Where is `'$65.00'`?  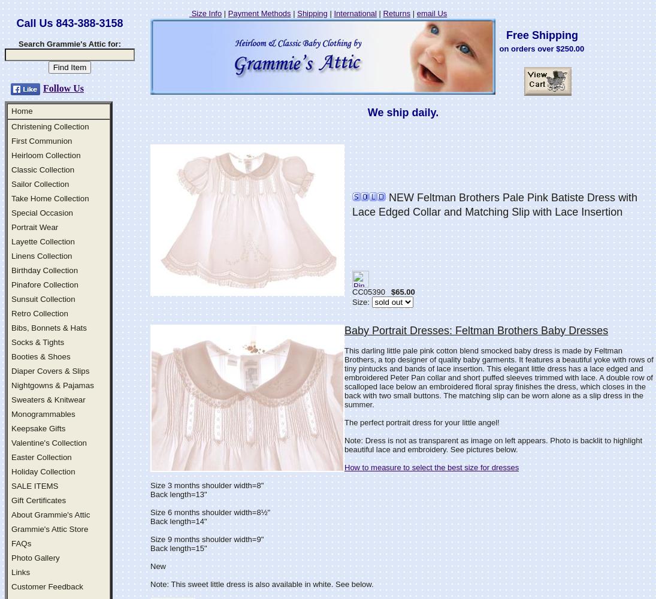
'$65.00' is located at coordinates (390, 291).